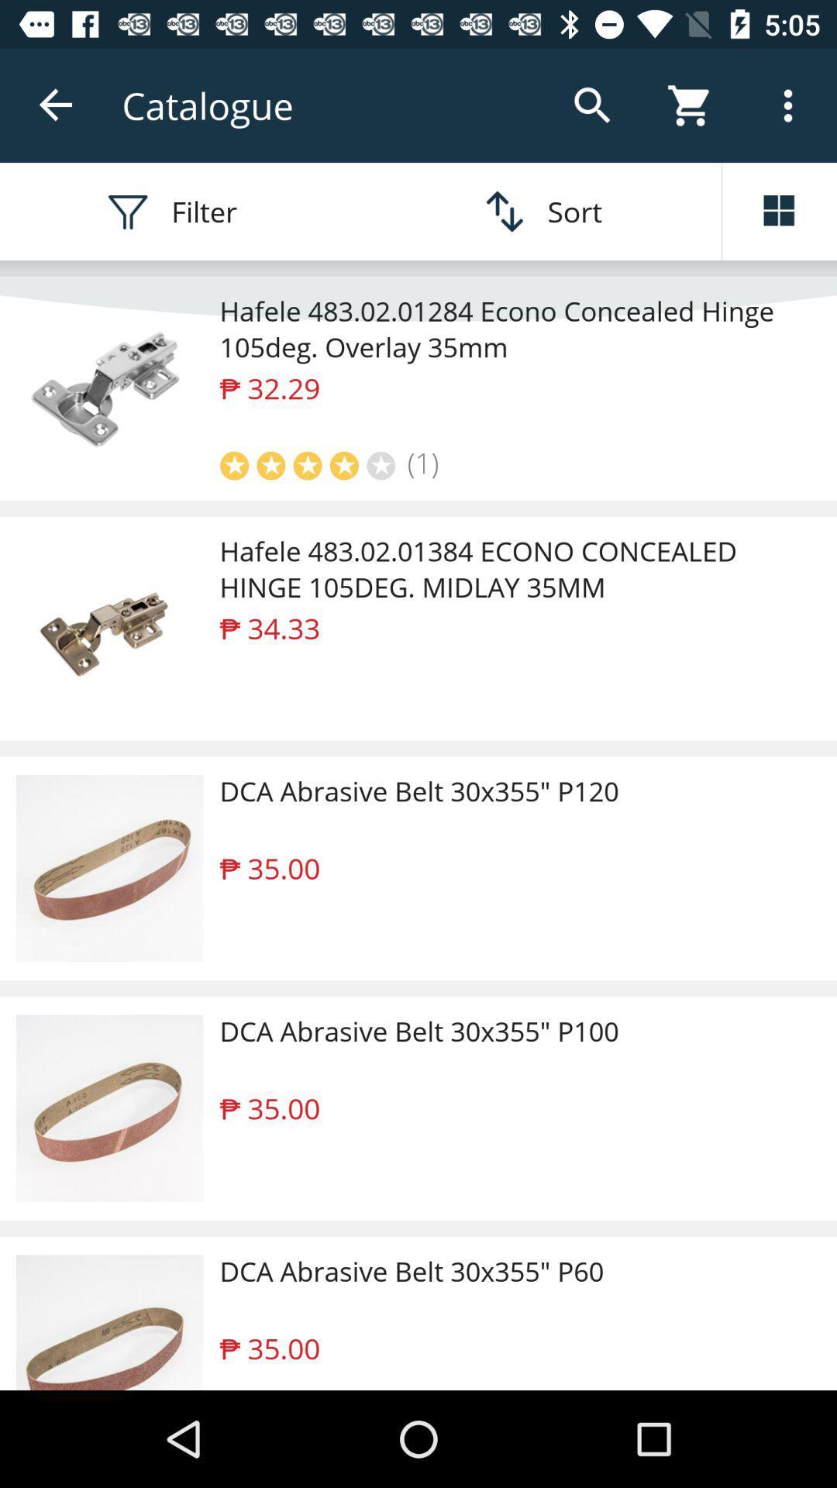  What do you see at coordinates (56, 105) in the screenshot?
I see `item to the left of catalogue icon` at bounding box center [56, 105].